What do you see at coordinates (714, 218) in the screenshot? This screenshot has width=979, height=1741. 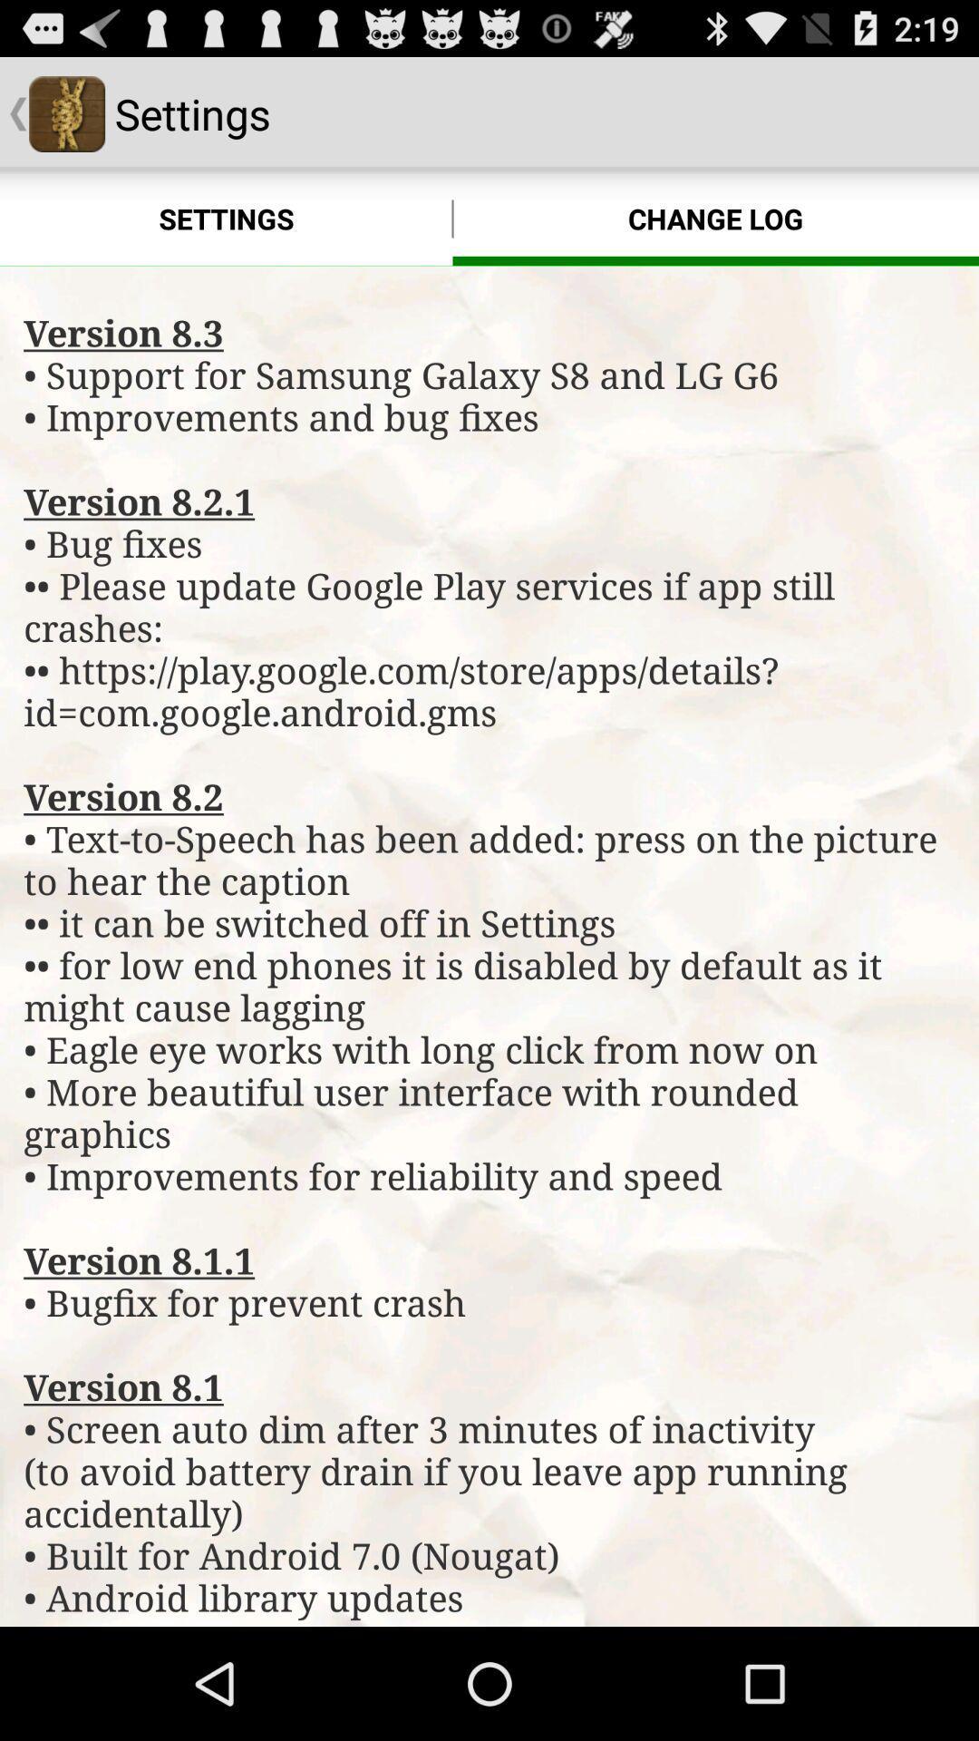 I see `change log item` at bounding box center [714, 218].